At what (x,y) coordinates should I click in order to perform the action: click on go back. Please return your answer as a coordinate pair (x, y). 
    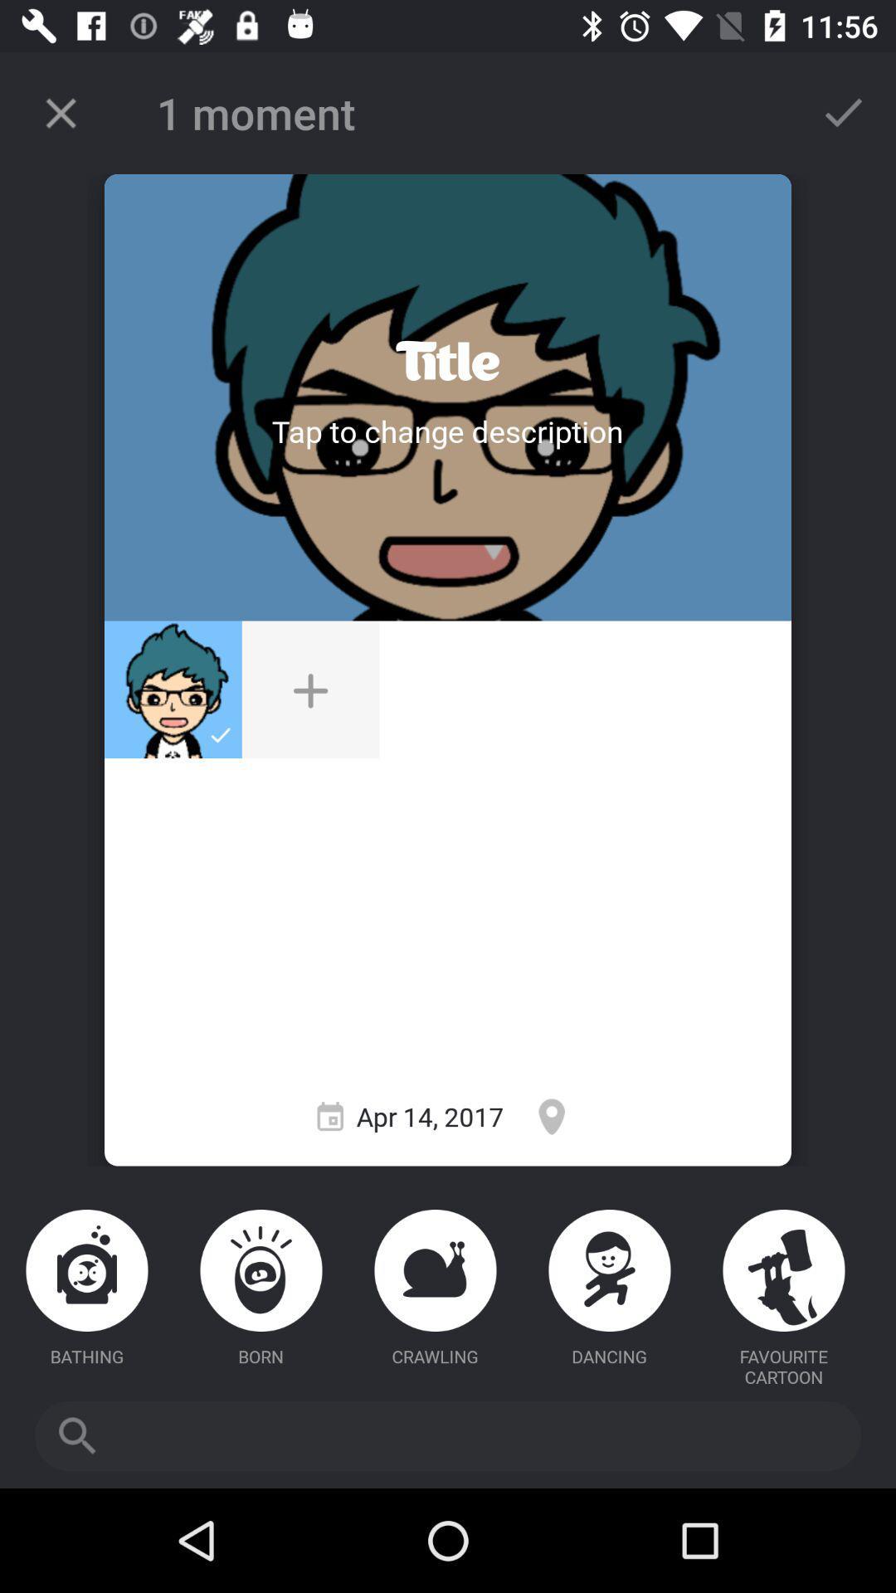
    Looking at the image, I should click on (60, 112).